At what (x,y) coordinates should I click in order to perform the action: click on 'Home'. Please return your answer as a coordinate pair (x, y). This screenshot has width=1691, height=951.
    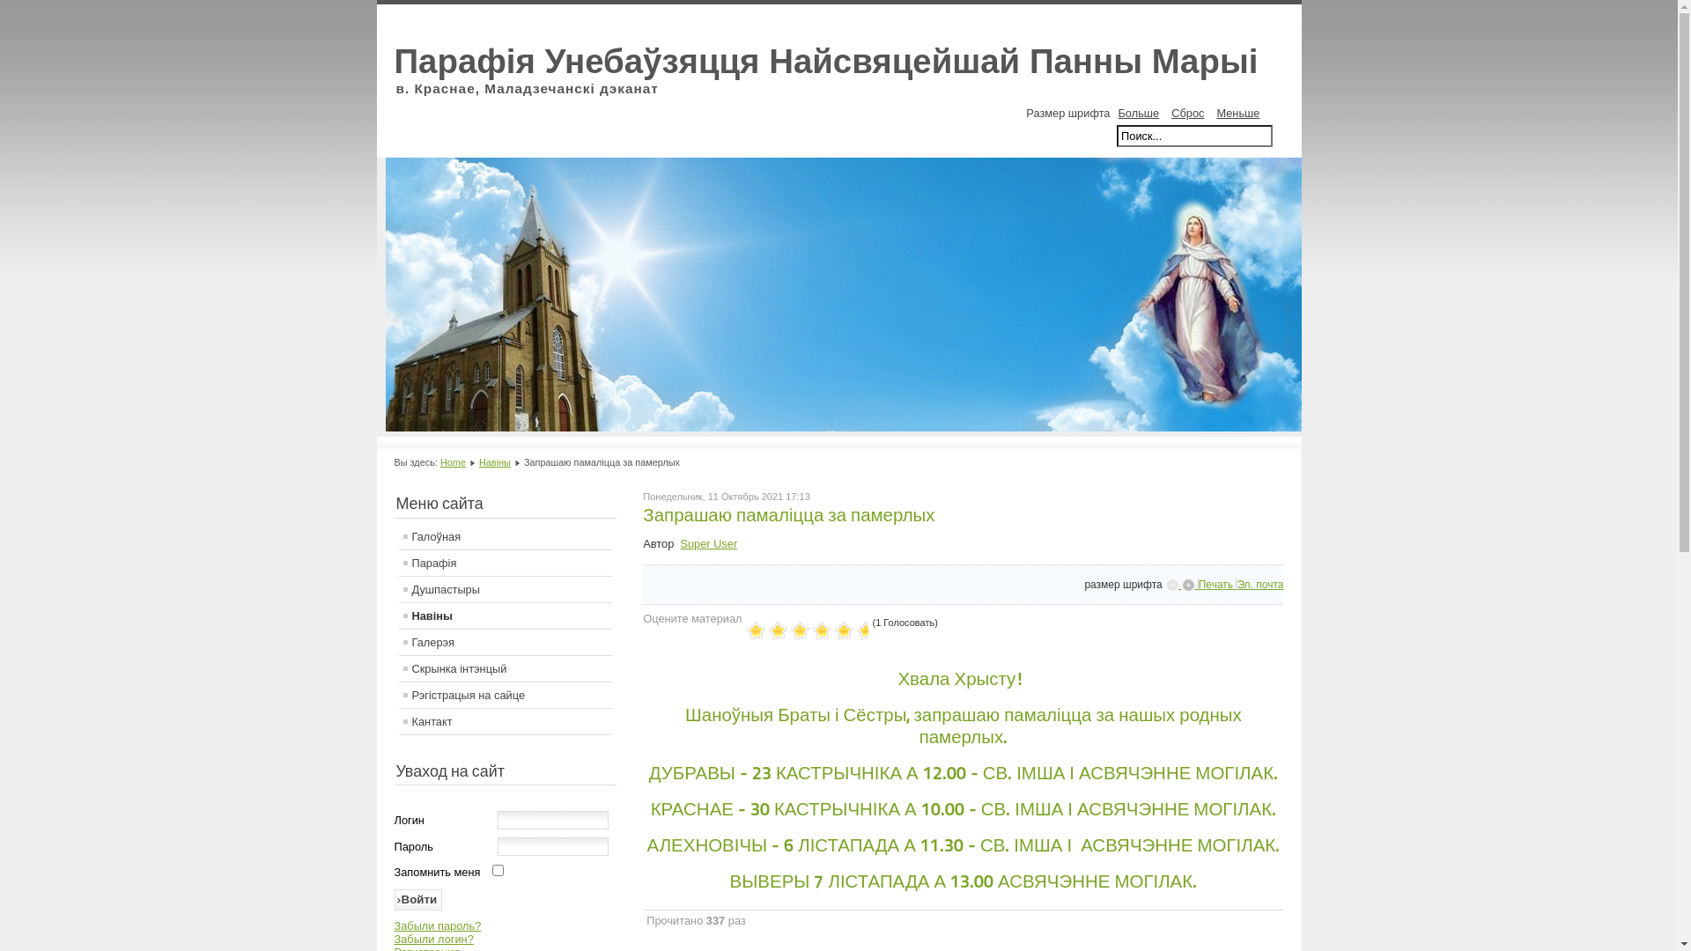
    Looking at the image, I should click on (453, 461).